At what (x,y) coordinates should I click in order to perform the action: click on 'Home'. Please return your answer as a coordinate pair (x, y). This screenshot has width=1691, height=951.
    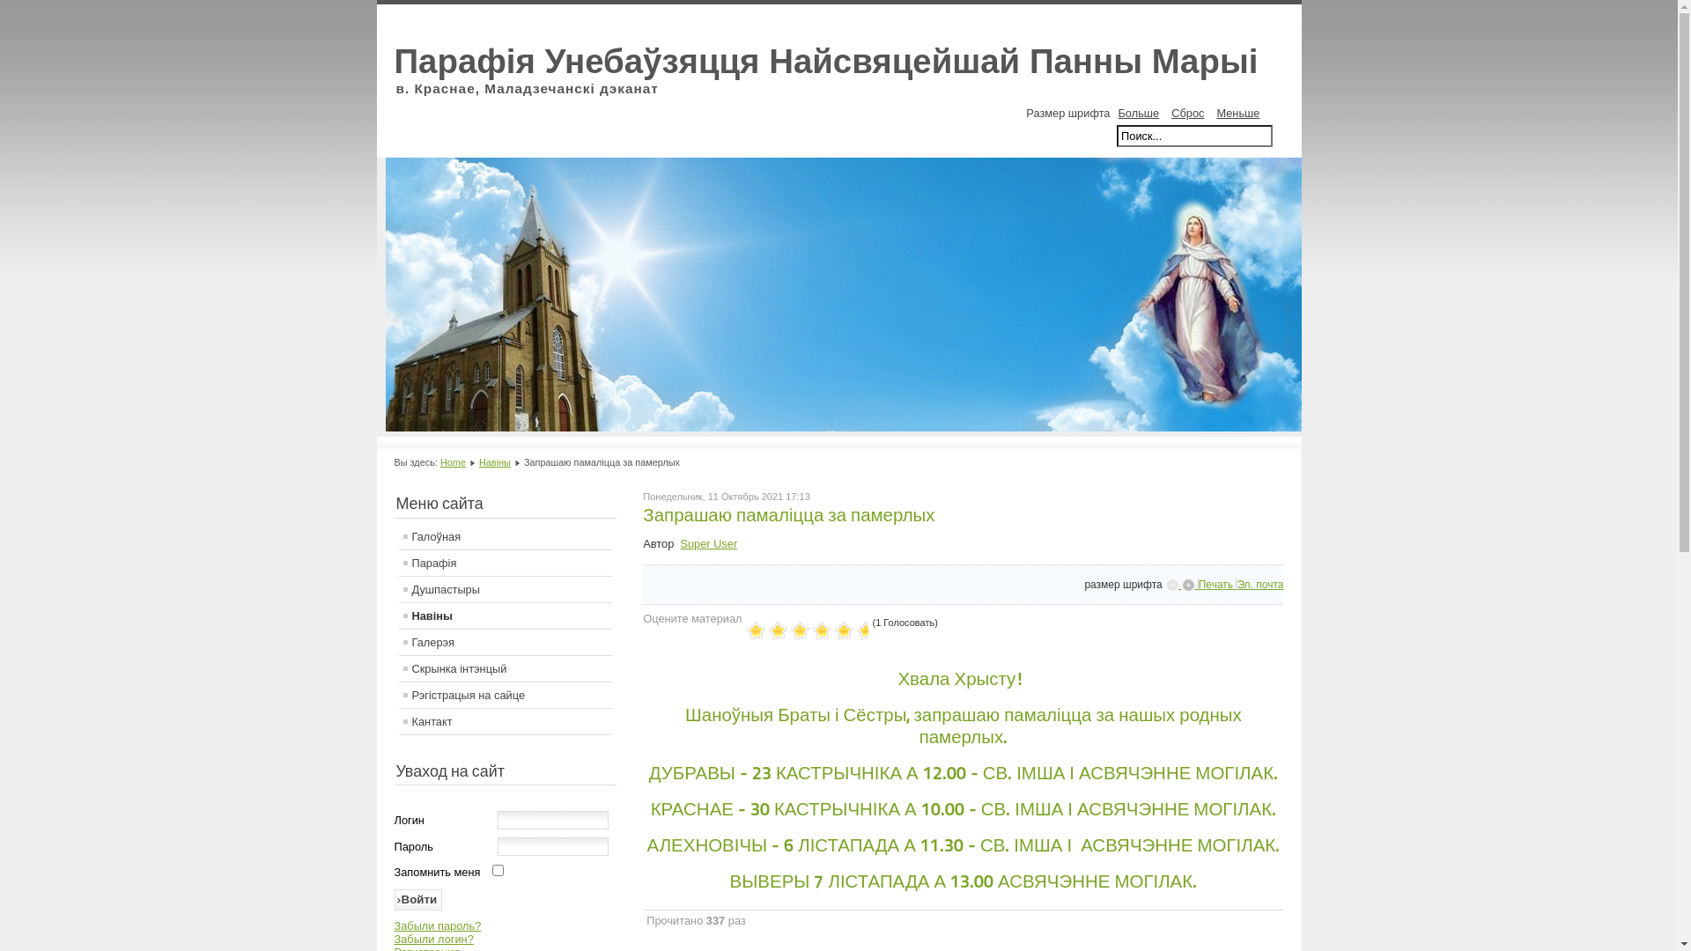
    Looking at the image, I should click on (453, 461).